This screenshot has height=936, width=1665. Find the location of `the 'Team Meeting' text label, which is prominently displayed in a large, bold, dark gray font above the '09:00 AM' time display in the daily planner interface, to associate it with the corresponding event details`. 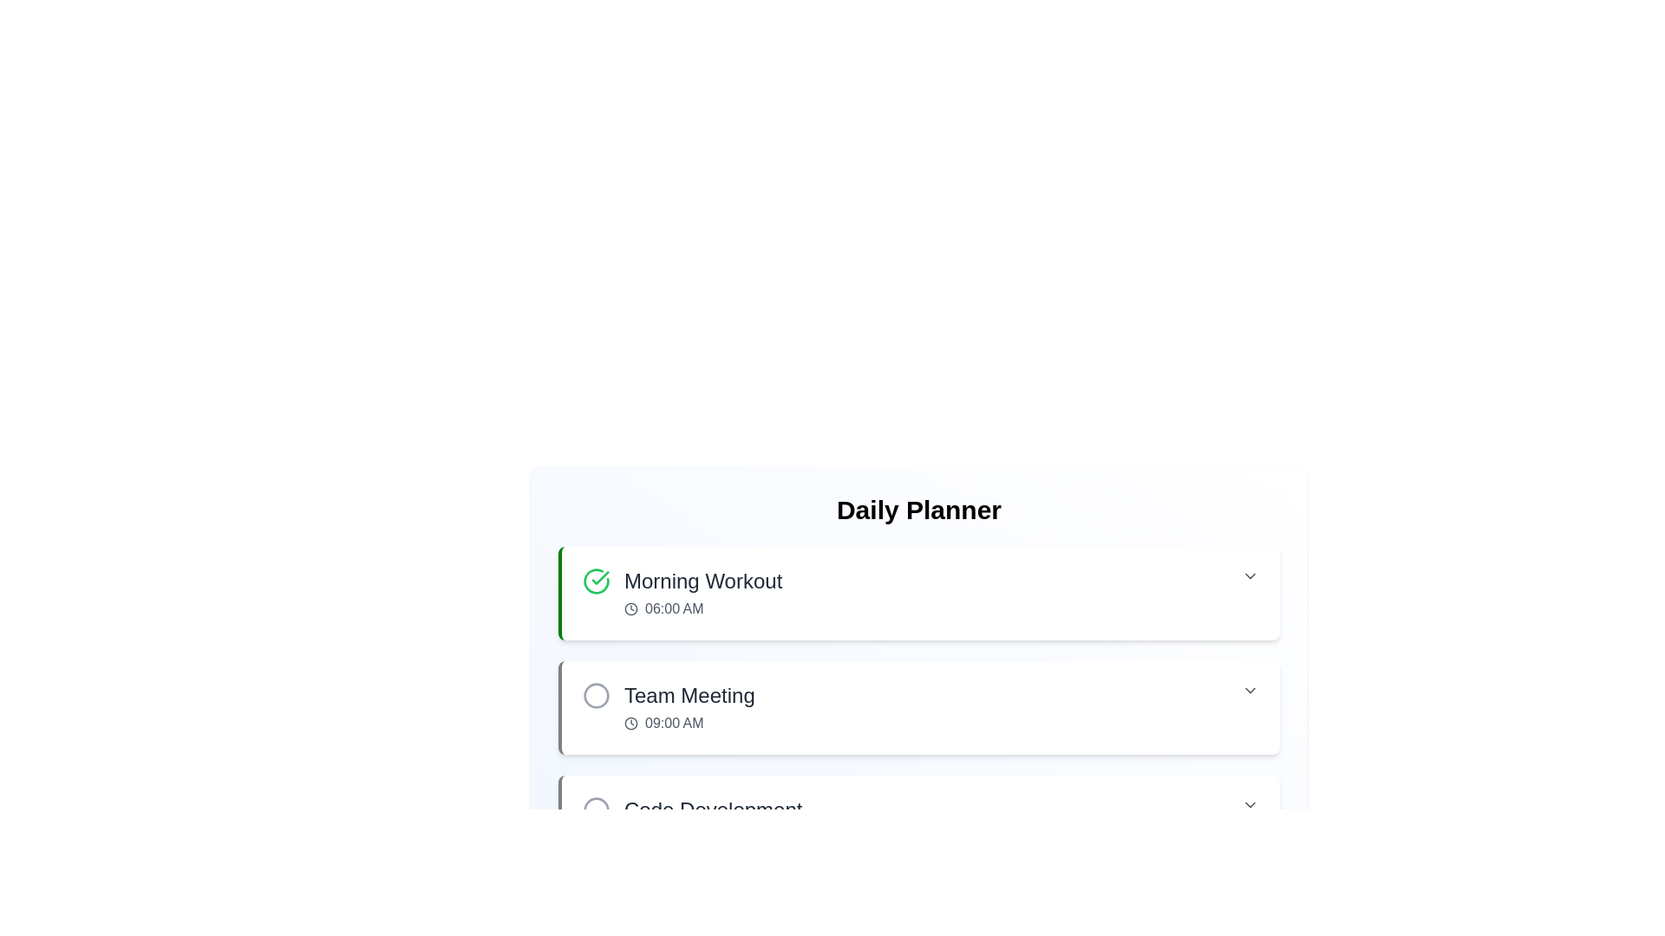

the 'Team Meeting' text label, which is prominently displayed in a large, bold, dark gray font above the '09:00 AM' time display in the daily planner interface, to associate it with the corresponding event details is located at coordinates (689, 694).